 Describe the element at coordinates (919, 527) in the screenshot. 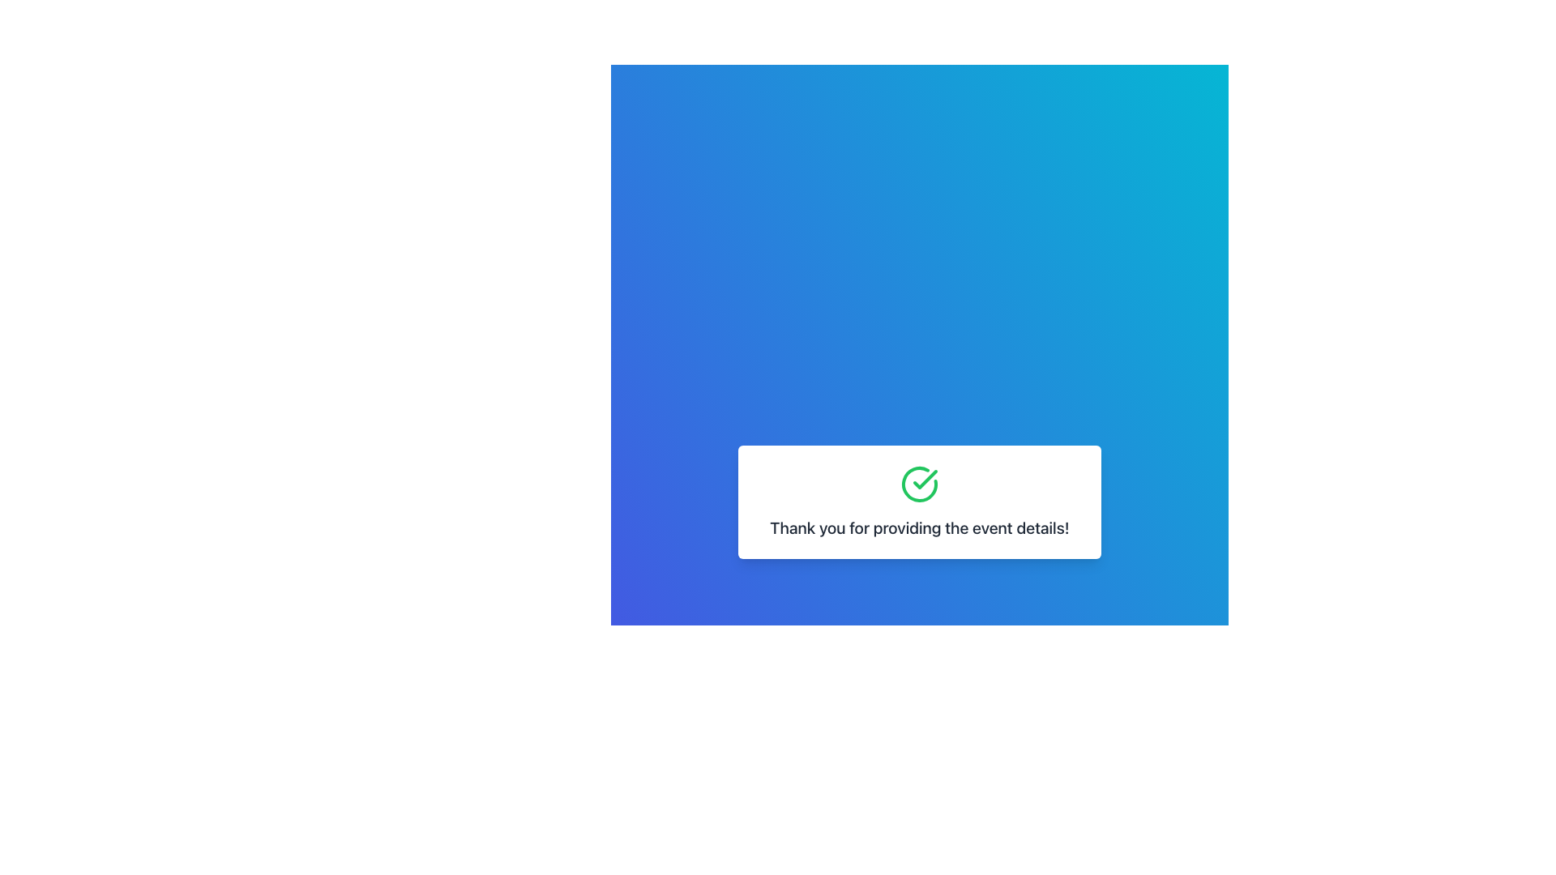

I see `static text label that says 'Thank you for providing the event details!' positioned centrally below a green circular checkmark icon` at that location.